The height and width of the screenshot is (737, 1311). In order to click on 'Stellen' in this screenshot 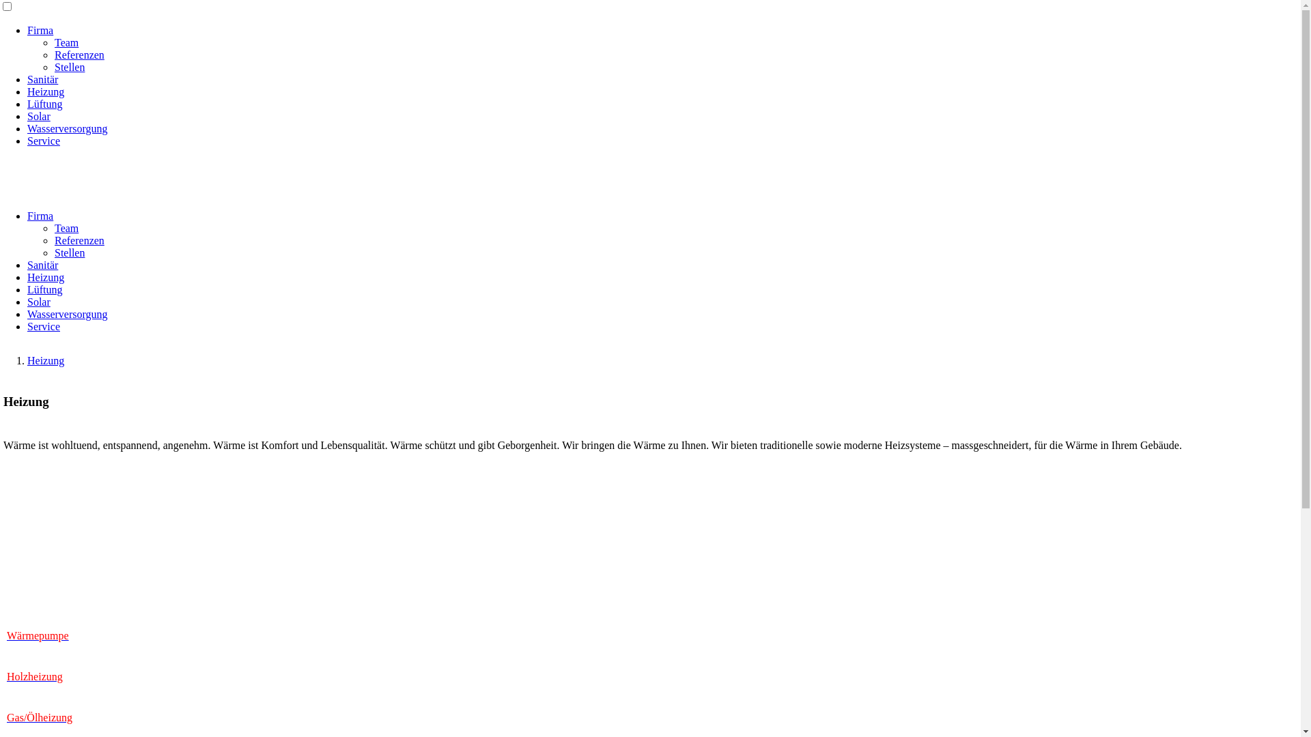, I will do `click(55, 252)`.